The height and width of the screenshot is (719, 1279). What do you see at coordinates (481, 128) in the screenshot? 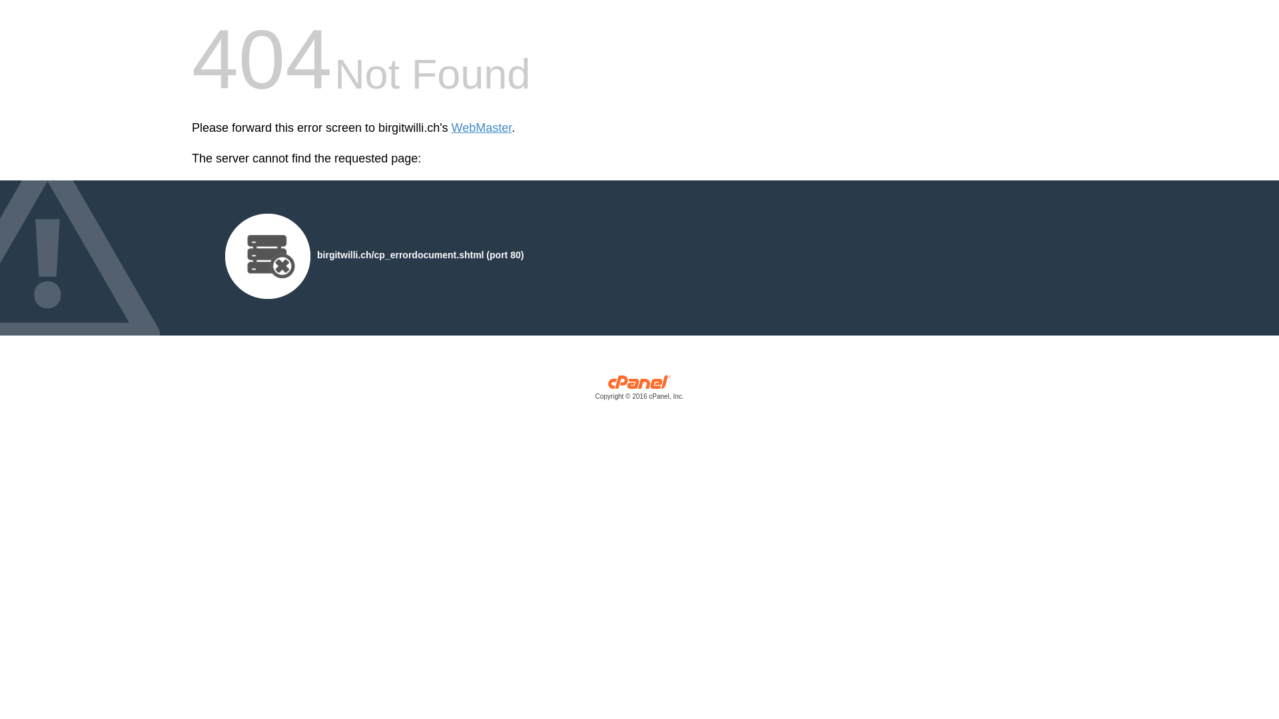
I see `'WebMaster'` at bounding box center [481, 128].